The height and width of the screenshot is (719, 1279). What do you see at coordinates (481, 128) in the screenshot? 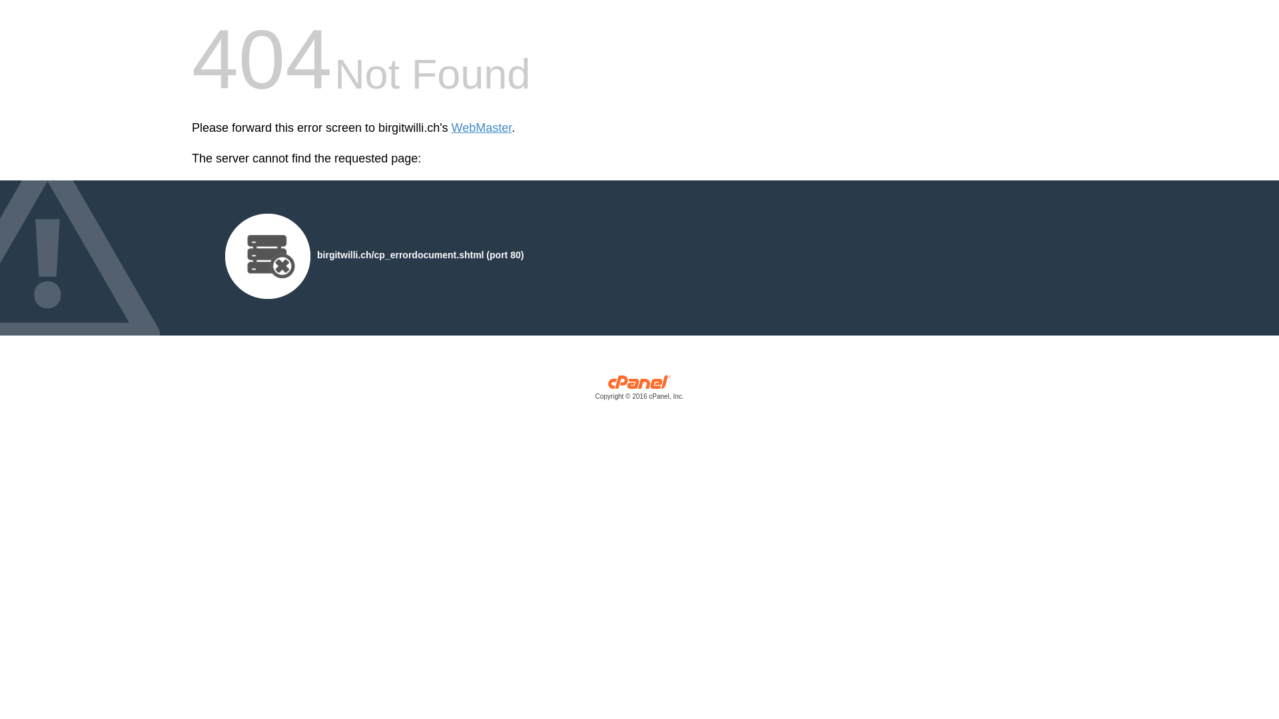
I see `'WebMaster'` at bounding box center [481, 128].